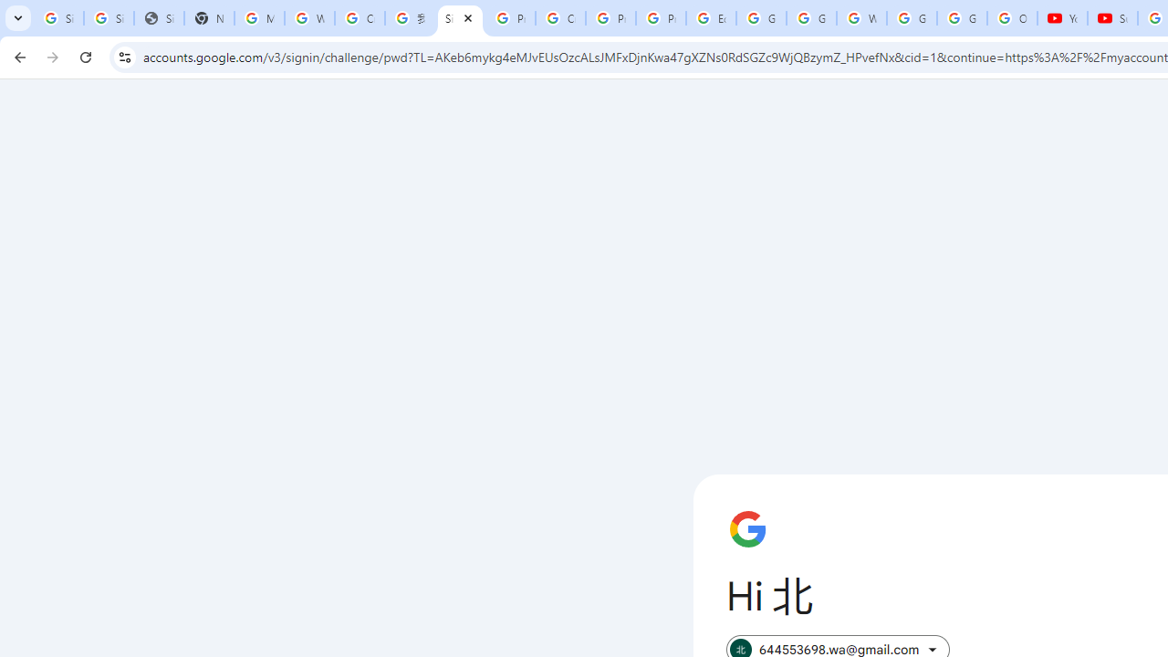 The width and height of the screenshot is (1168, 657). I want to click on 'Welcome to My Activity', so click(860, 18).